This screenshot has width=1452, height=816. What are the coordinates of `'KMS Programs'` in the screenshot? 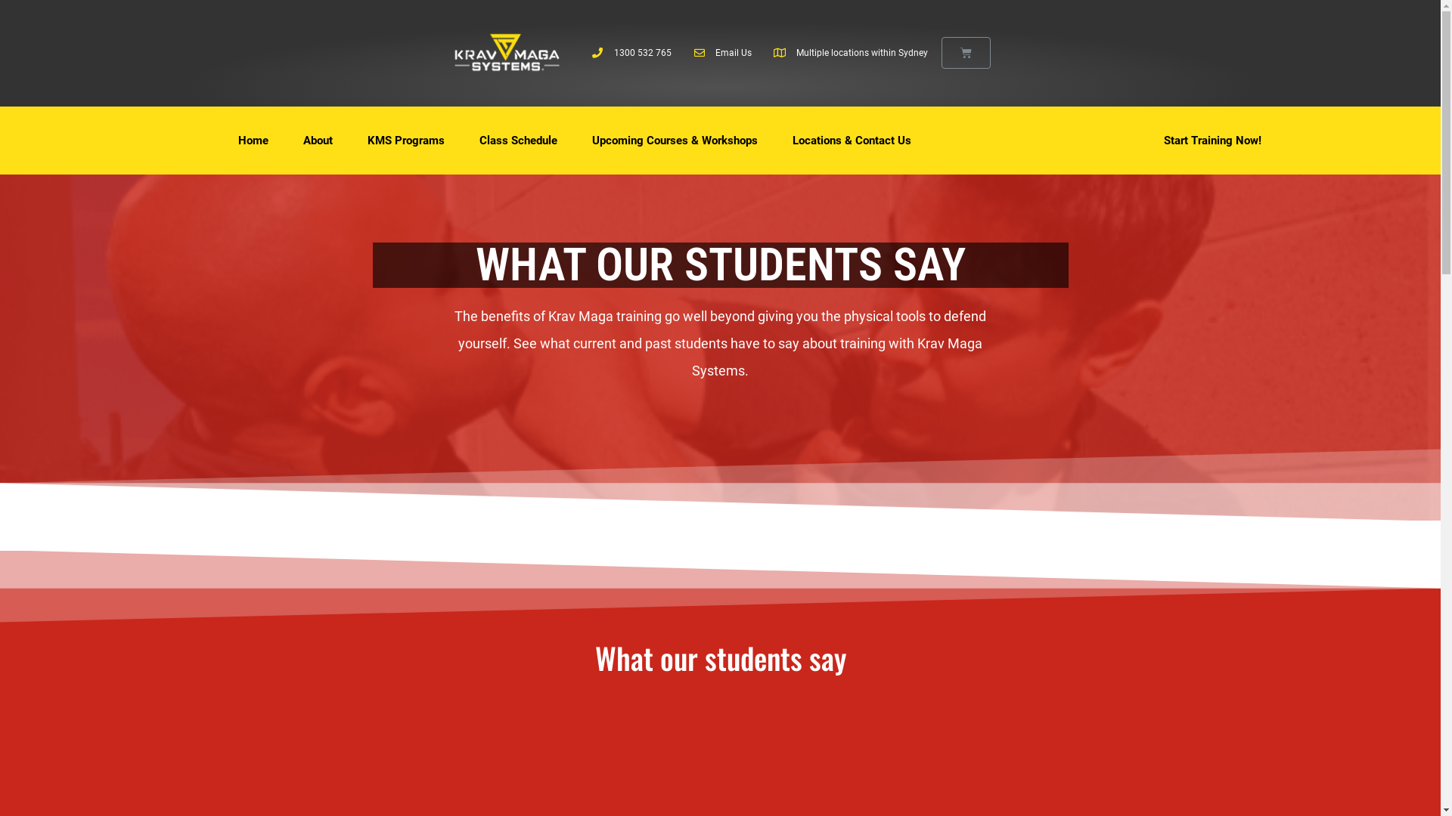 It's located at (406, 140).